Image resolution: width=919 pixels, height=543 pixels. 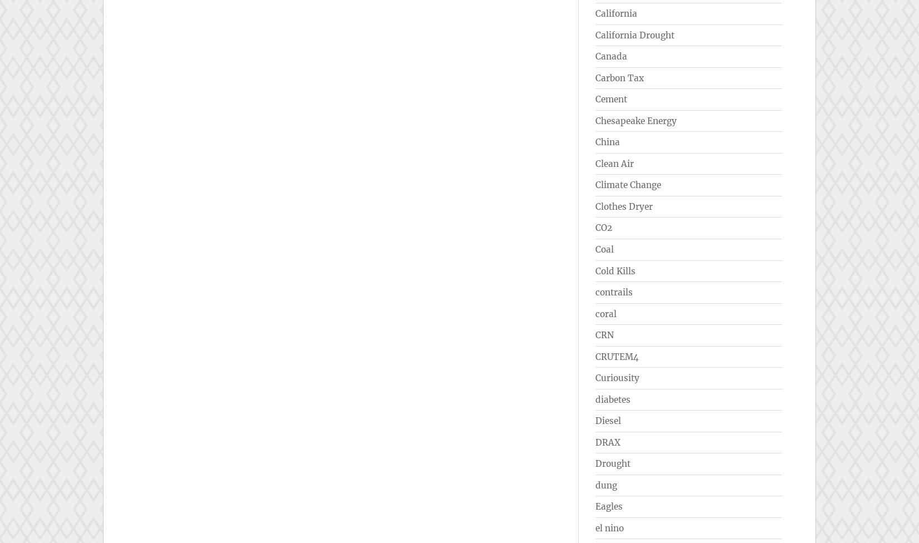 I want to click on 'Climate Change', so click(x=628, y=185).